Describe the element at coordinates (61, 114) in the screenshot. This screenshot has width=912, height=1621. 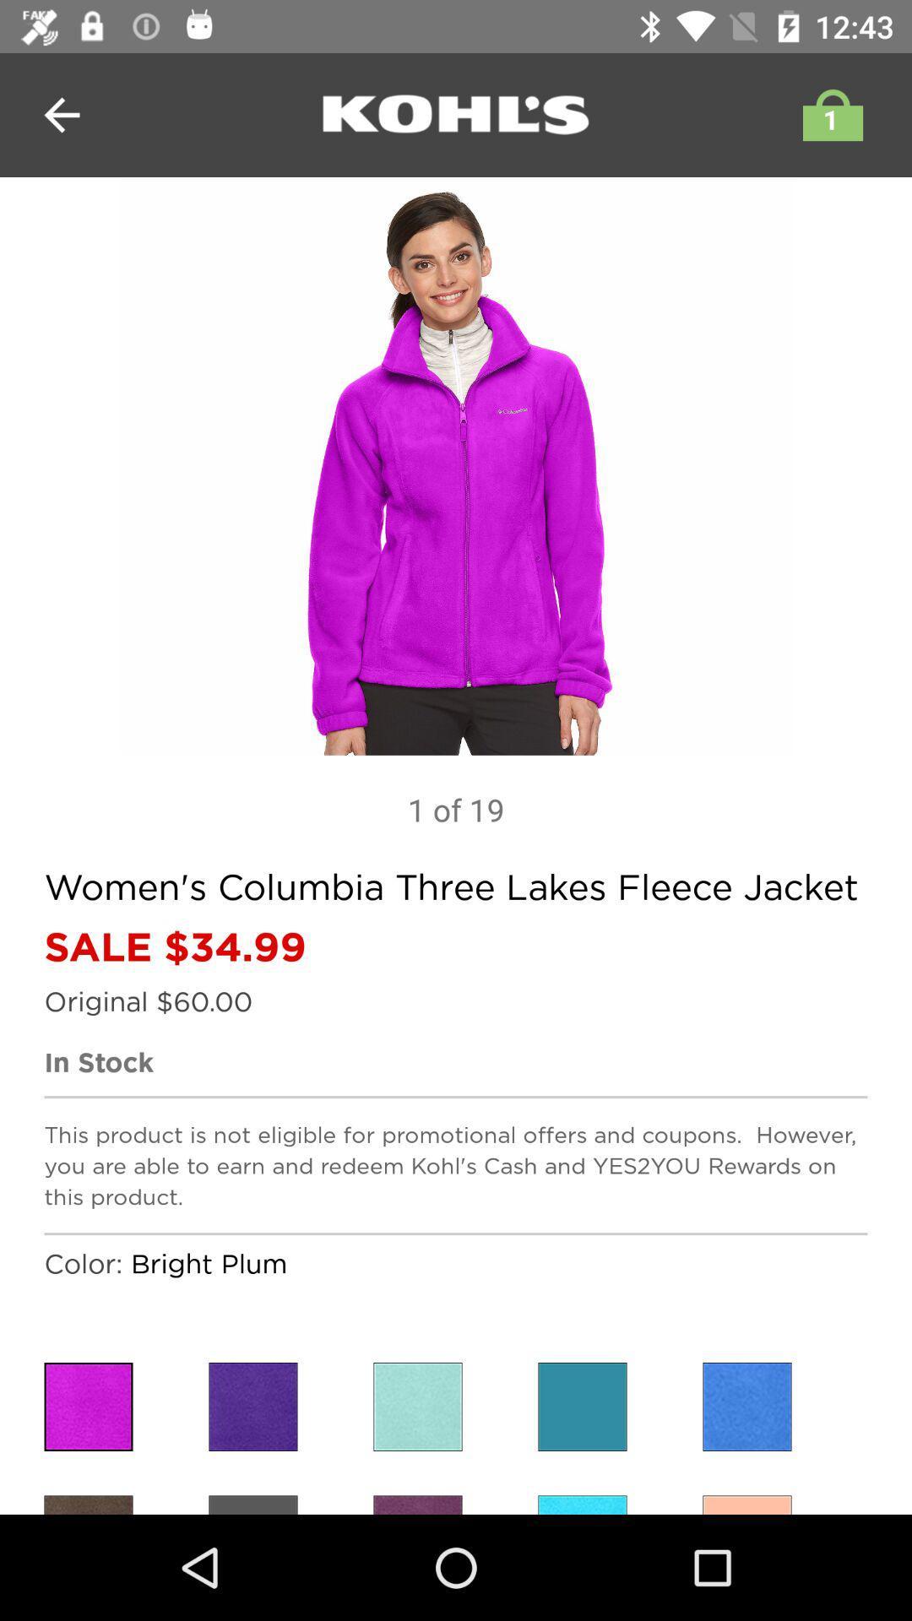
I see `the arrow_backward icon` at that location.